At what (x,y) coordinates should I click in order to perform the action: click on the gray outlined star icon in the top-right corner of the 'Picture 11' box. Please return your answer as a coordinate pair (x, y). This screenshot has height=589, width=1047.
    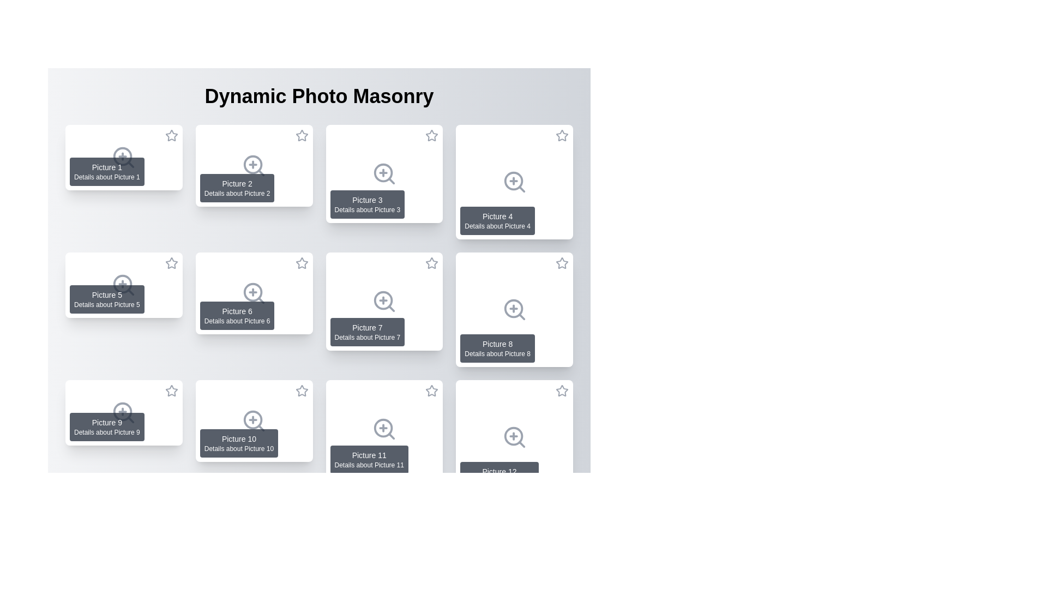
    Looking at the image, I should click on (431, 390).